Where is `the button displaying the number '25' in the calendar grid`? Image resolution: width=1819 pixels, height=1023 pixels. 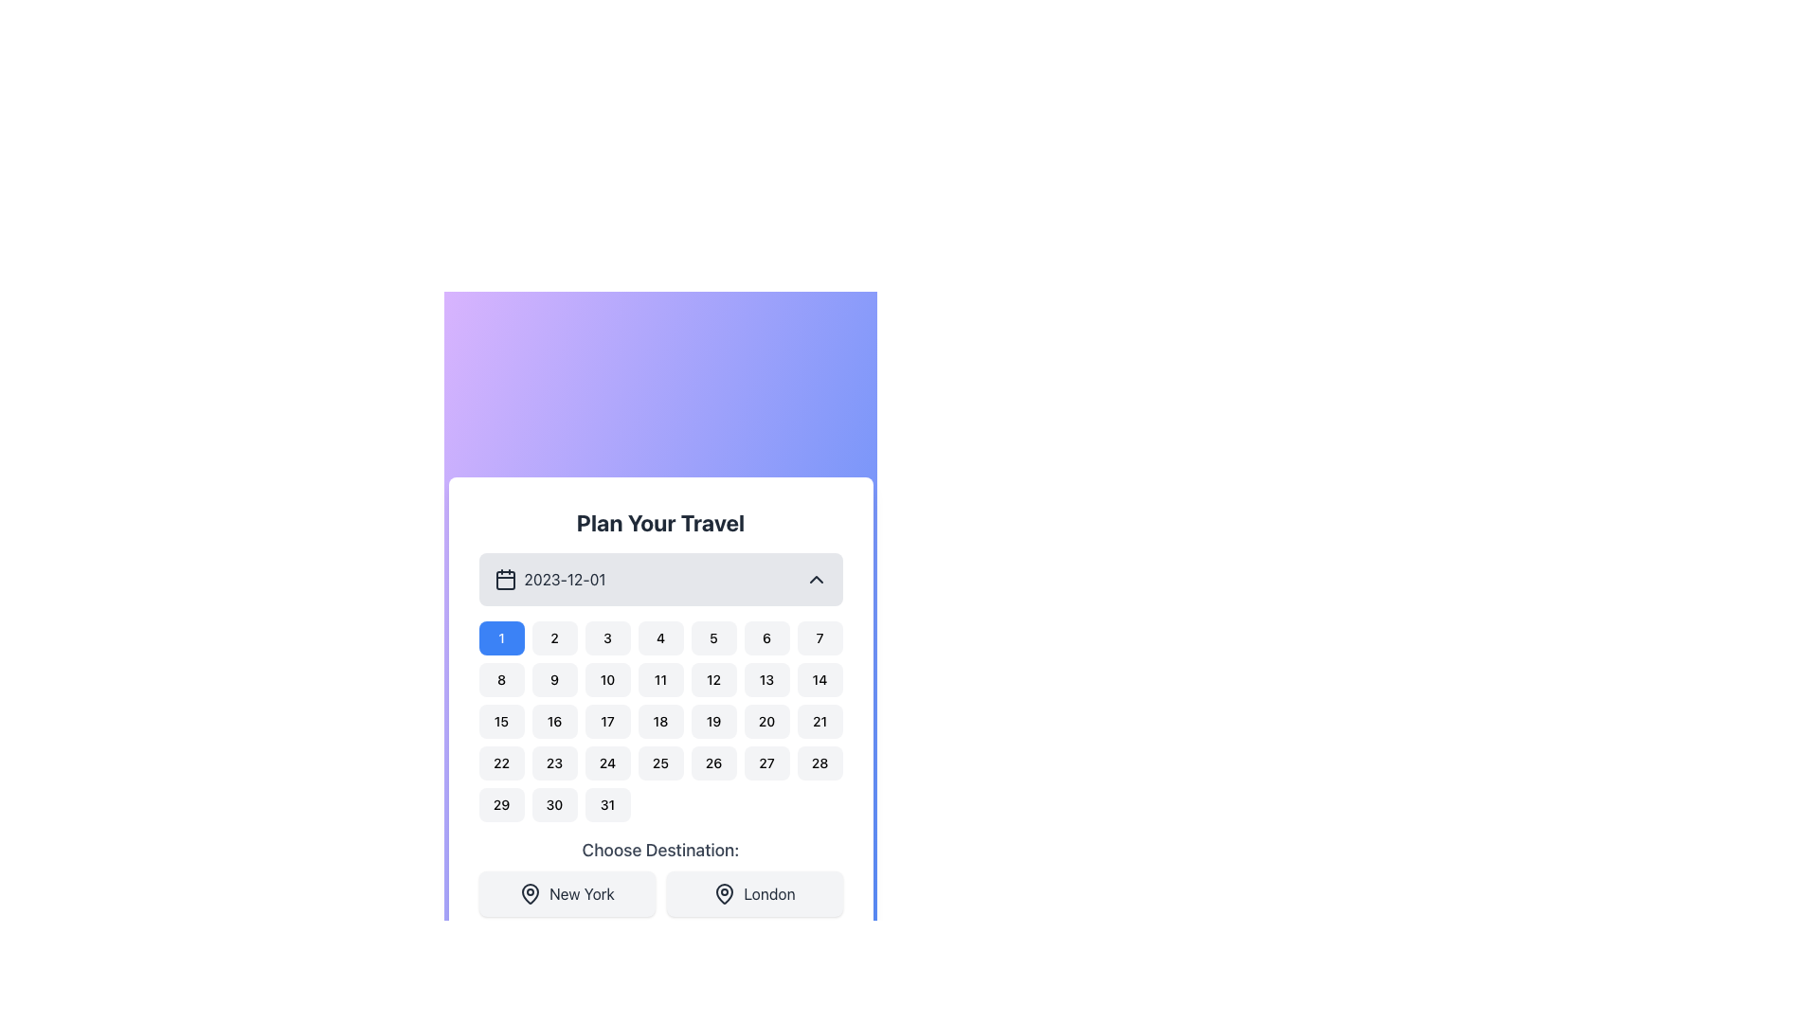
the button displaying the number '25' in the calendar grid is located at coordinates (660, 763).